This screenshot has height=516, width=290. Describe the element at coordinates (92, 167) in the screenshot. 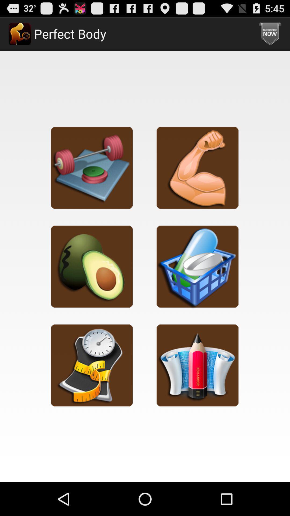

I see `exercise` at that location.